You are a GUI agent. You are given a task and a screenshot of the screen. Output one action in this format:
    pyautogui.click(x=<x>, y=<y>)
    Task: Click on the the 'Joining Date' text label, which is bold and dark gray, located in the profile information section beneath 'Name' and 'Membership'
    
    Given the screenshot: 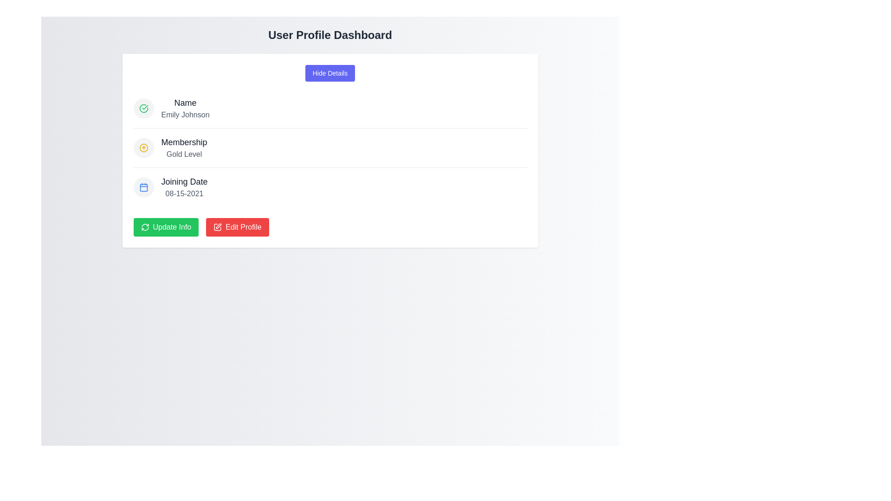 What is the action you would take?
    pyautogui.click(x=184, y=182)
    